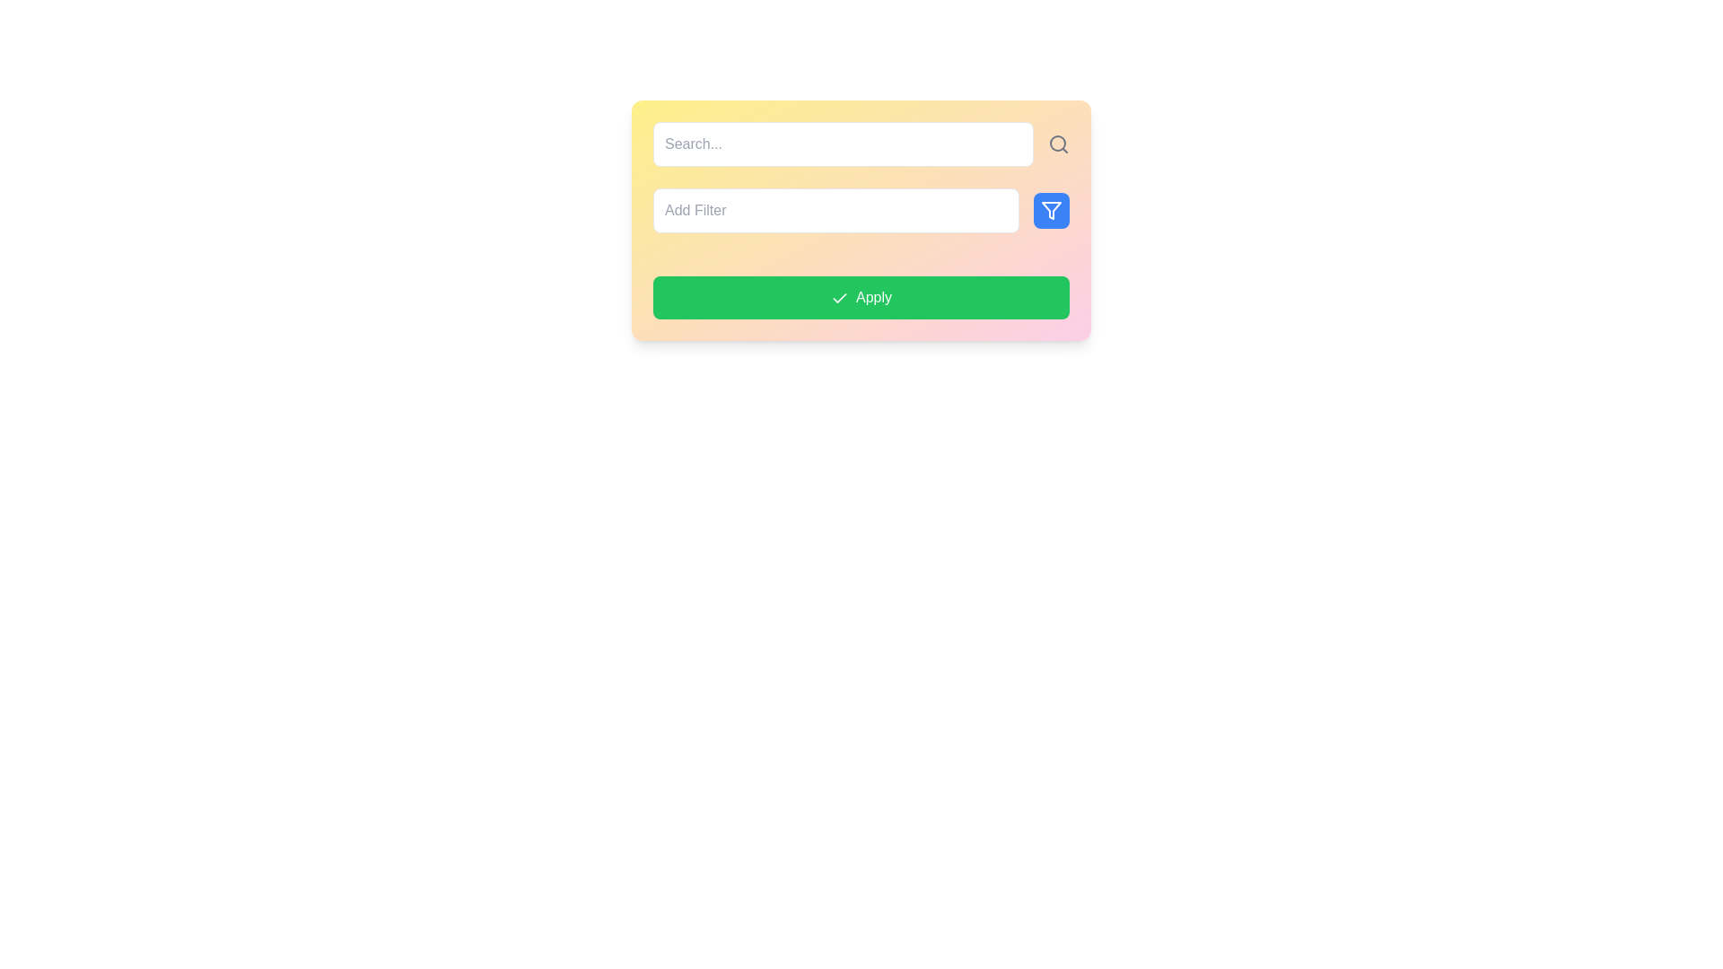 Image resolution: width=1723 pixels, height=969 pixels. Describe the element at coordinates (1051, 210) in the screenshot. I see `the small blue button with a funnel icon, located to the far right of the 'Add Filter' input field, to observe its hover effect` at that location.